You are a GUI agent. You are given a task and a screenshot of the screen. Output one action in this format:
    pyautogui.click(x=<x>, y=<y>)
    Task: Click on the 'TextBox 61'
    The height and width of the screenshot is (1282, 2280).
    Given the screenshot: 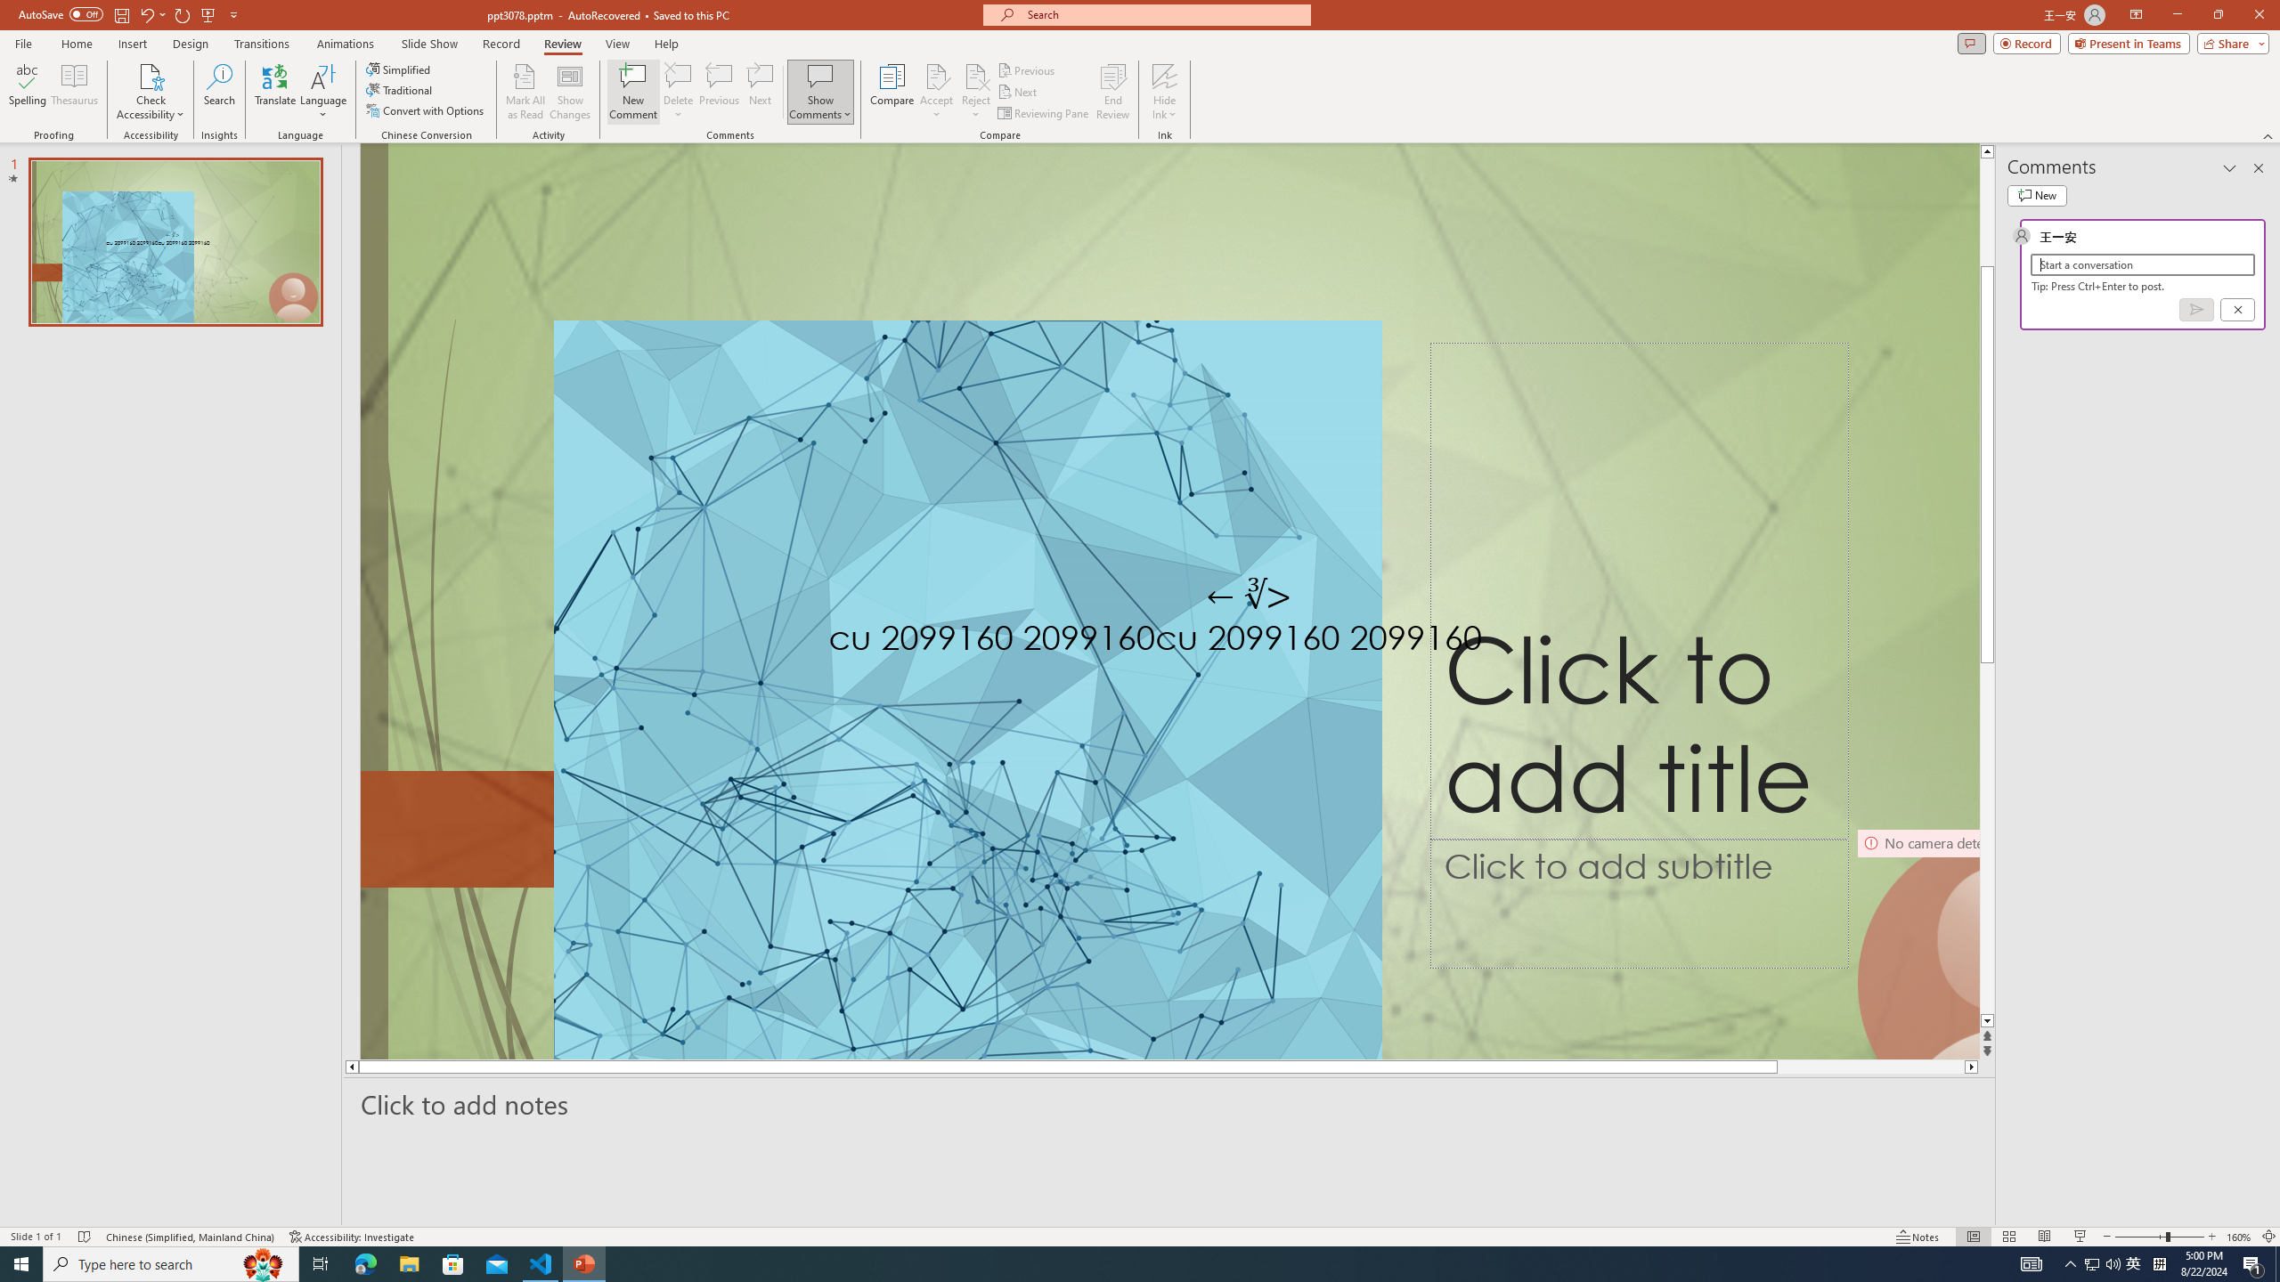 What is the action you would take?
    pyautogui.click(x=1264, y=641)
    